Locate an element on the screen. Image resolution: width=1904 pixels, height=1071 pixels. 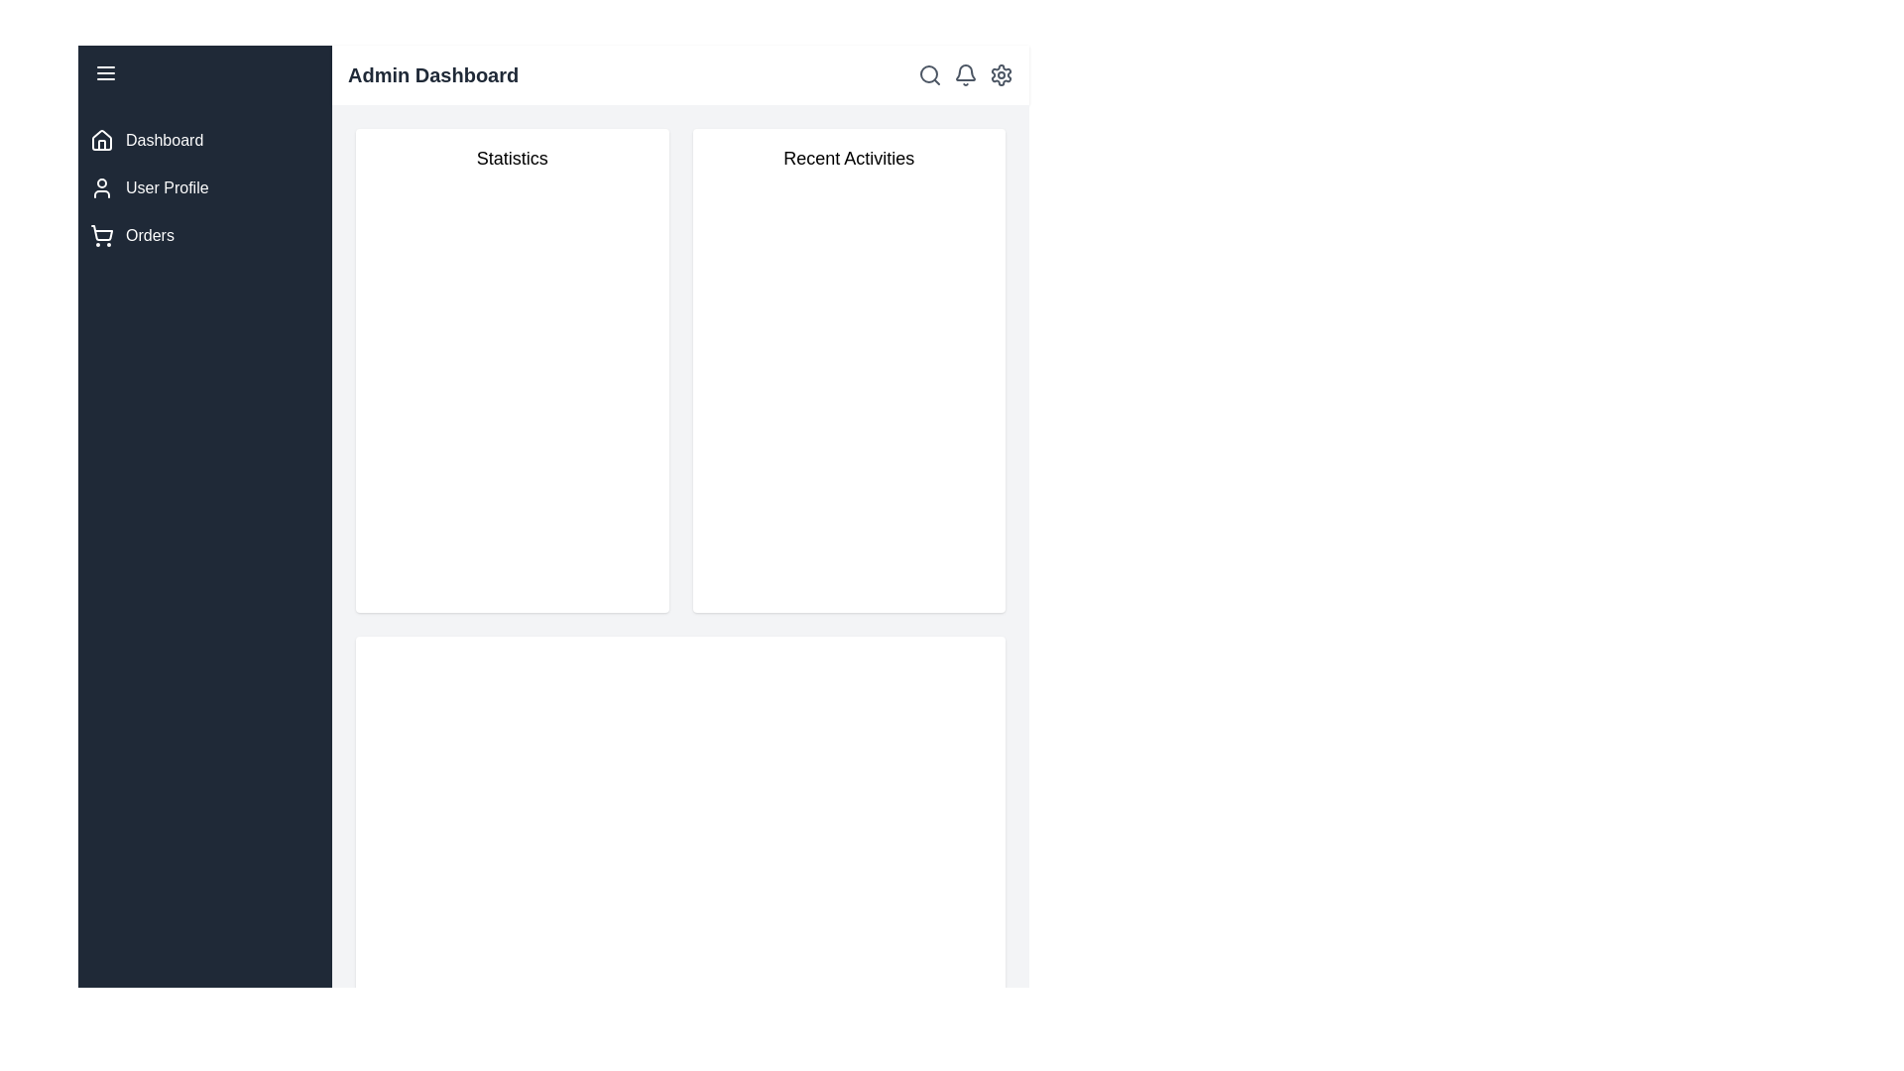
the 'Statistics' card, which is a white rectangular card with rounded corners located in the upper left corner of the grid layout is located at coordinates (512, 371).